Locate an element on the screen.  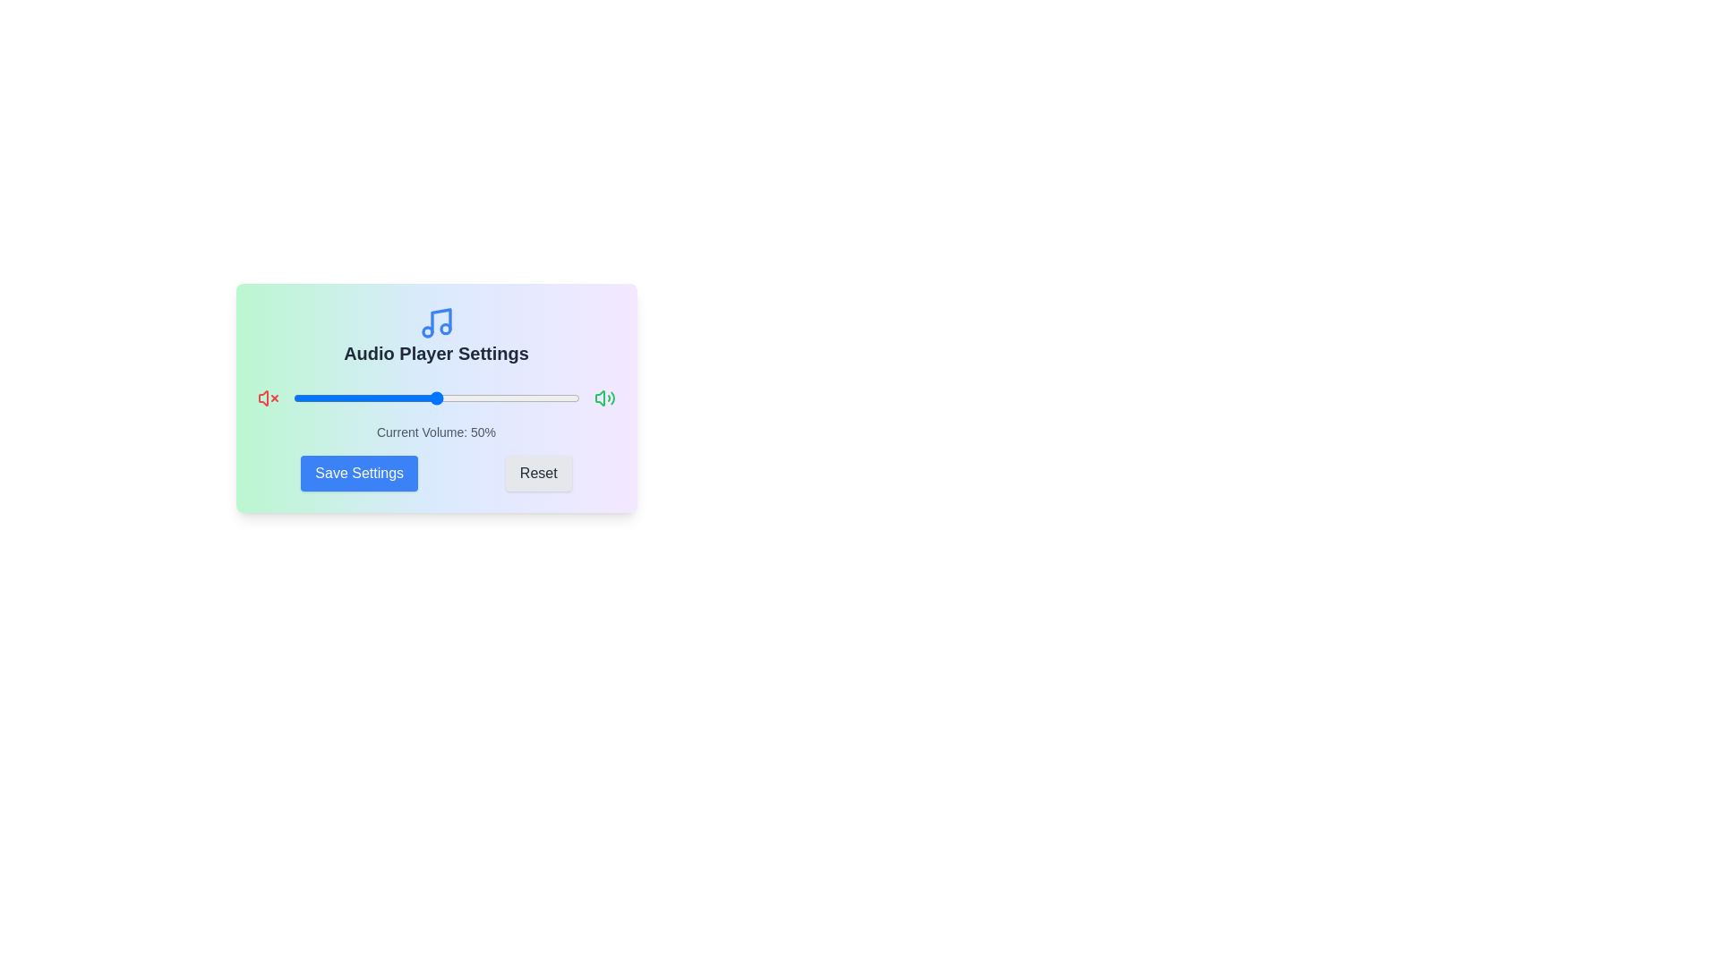
the reset settings button located is located at coordinates (536, 472).